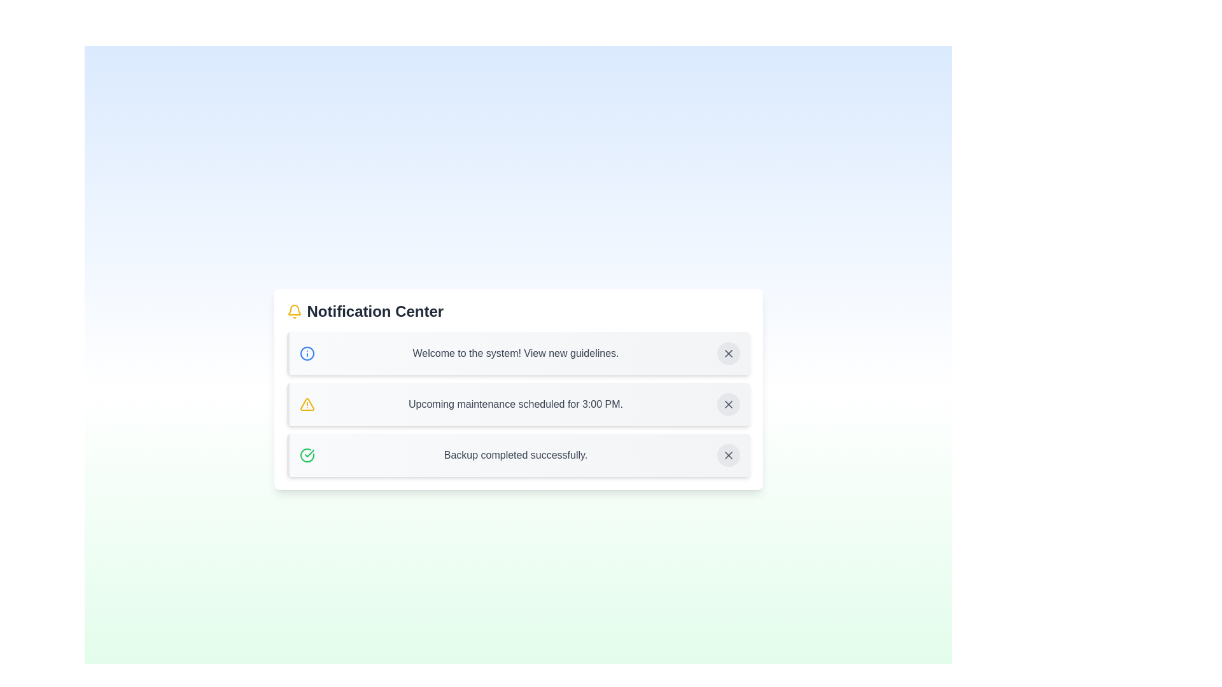 The image size is (1222, 687). What do you see at coordinates (518, 311) in the screenshot?
I see `the text block titled 'Notification Center' which is styled with a bold, large font and a yellow bell icon` at bounding box center [518, 311].